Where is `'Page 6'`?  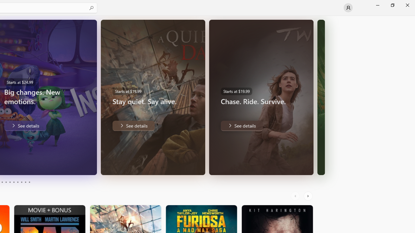 'Page 6' is located at coordinates (14, 182).